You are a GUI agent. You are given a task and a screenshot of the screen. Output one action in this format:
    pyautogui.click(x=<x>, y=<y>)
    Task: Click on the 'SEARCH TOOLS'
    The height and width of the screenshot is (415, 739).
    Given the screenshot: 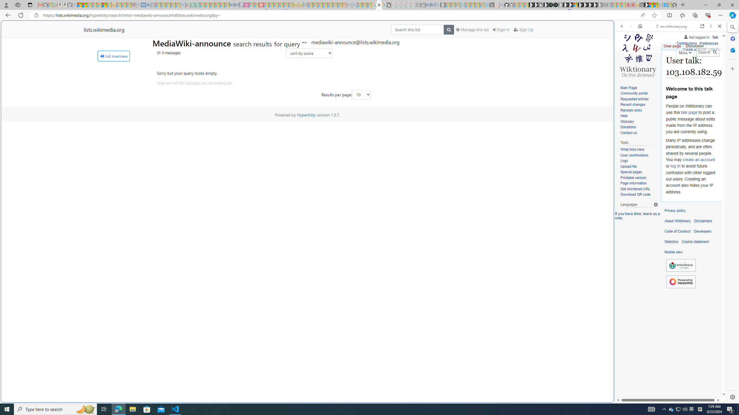 What is the action you would take?
    pyautogui.click(x=685, y=66)
    